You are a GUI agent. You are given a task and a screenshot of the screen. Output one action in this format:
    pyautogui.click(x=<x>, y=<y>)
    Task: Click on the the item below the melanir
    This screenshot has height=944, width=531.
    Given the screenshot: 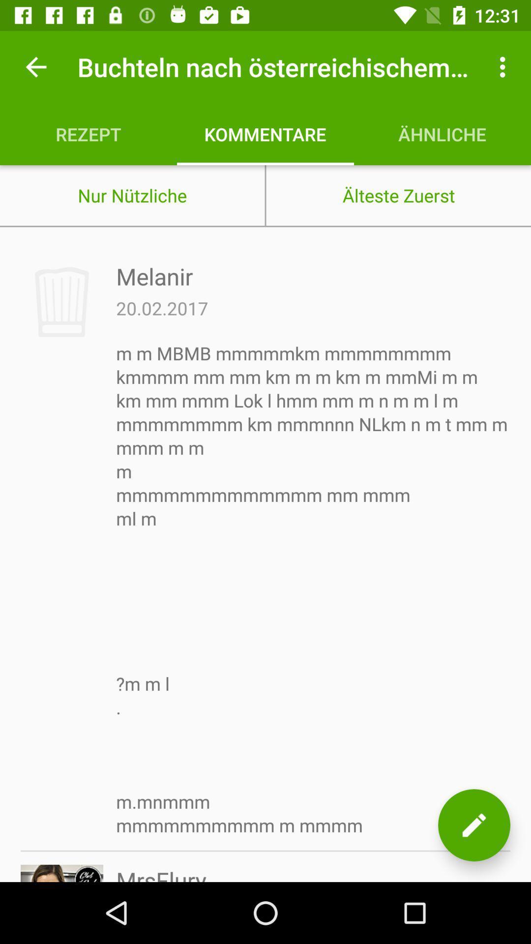 What is the action you would take?
    pyautogui.click(x=162, y=308)
    